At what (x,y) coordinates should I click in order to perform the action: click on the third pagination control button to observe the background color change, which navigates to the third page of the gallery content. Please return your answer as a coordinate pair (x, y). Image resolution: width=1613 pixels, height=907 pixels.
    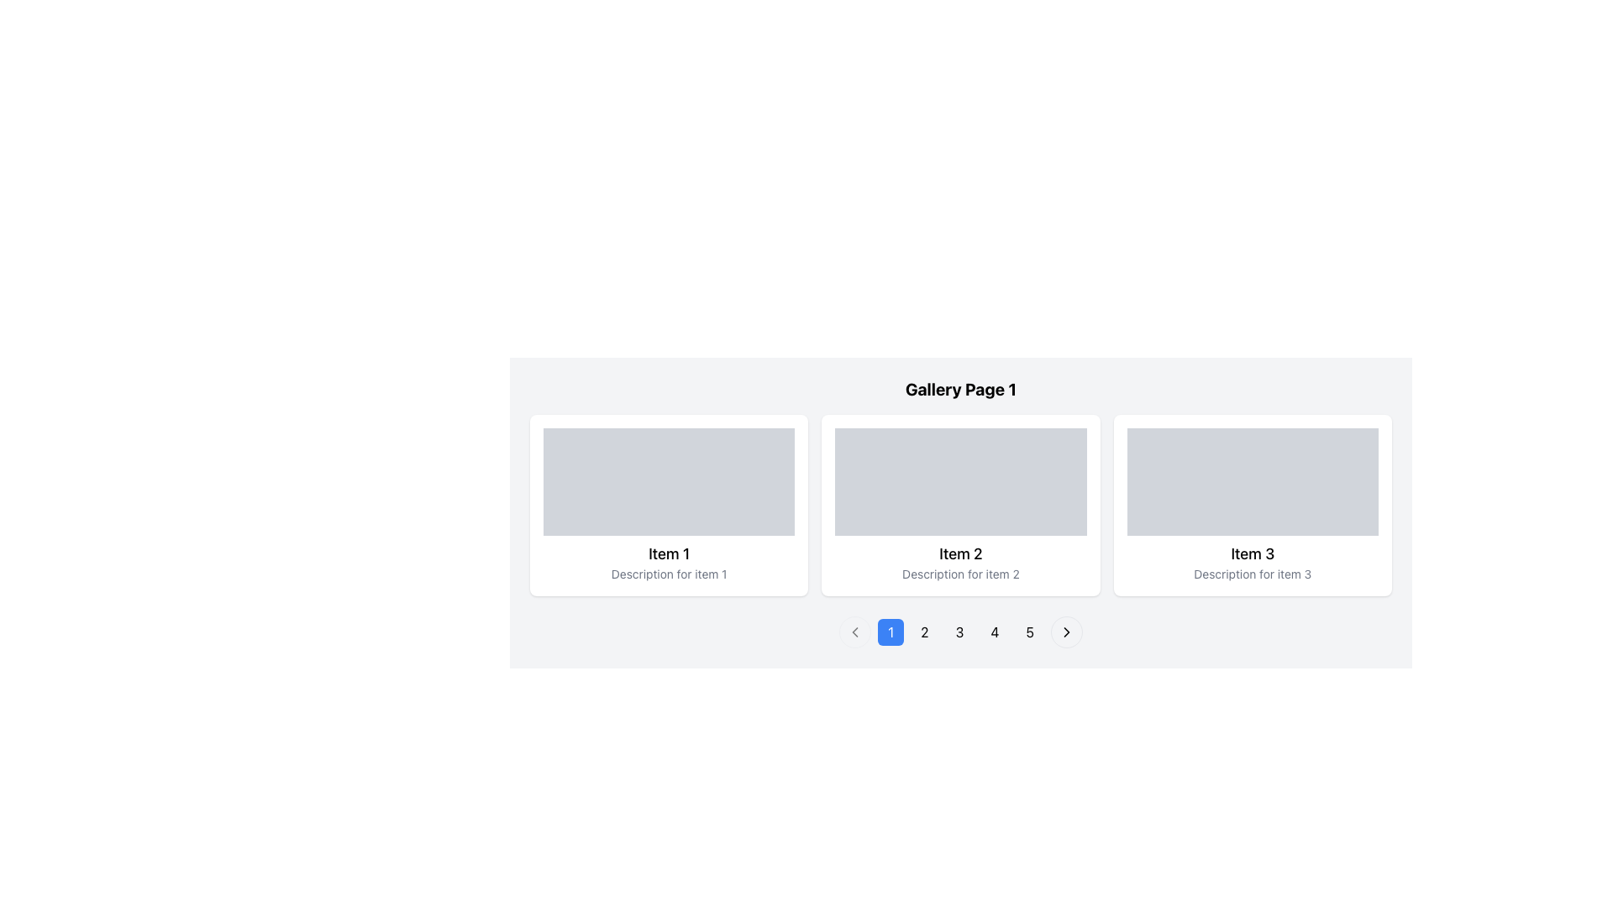
    Looking at the image, I should click on (959, 632).